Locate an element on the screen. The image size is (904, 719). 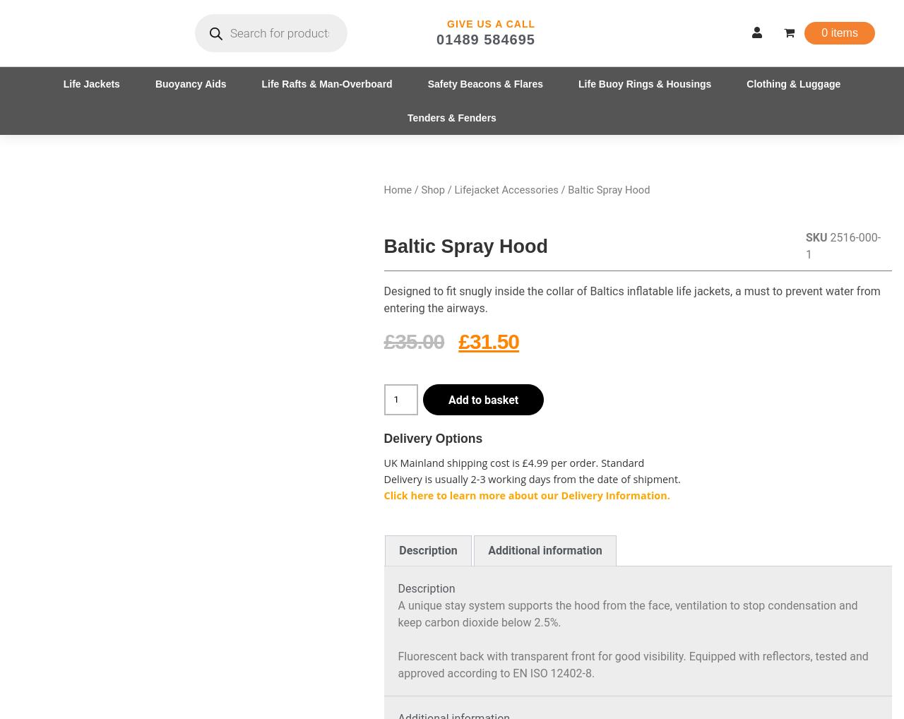
'Designed to fit snugly inside the collar of Baltics inflatable life jackets, a must to prevent water from entering the airways.' is located at coordinates (631, 298).